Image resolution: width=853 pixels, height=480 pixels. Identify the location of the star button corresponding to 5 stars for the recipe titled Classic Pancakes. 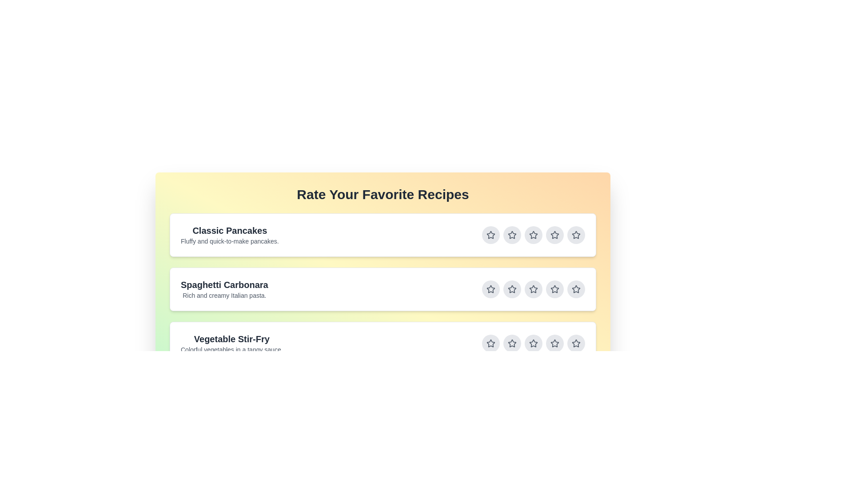
(576, 234).